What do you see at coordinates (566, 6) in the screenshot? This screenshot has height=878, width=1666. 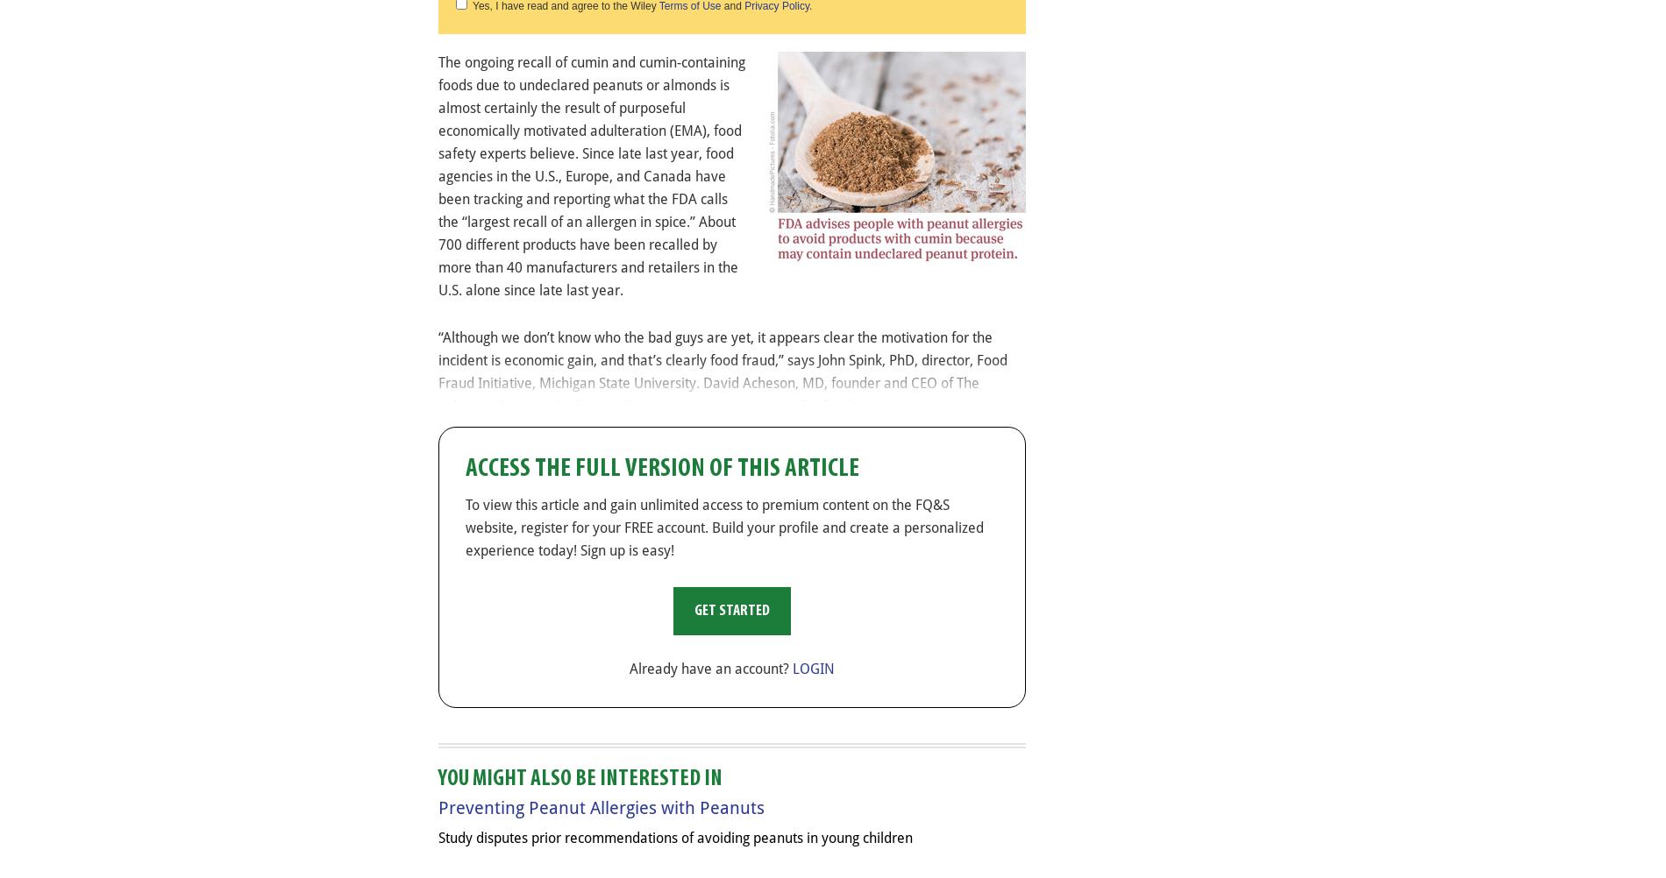 I see `'Yes, I have read and agree to the Wiley'` at bounding box center [566, 6].